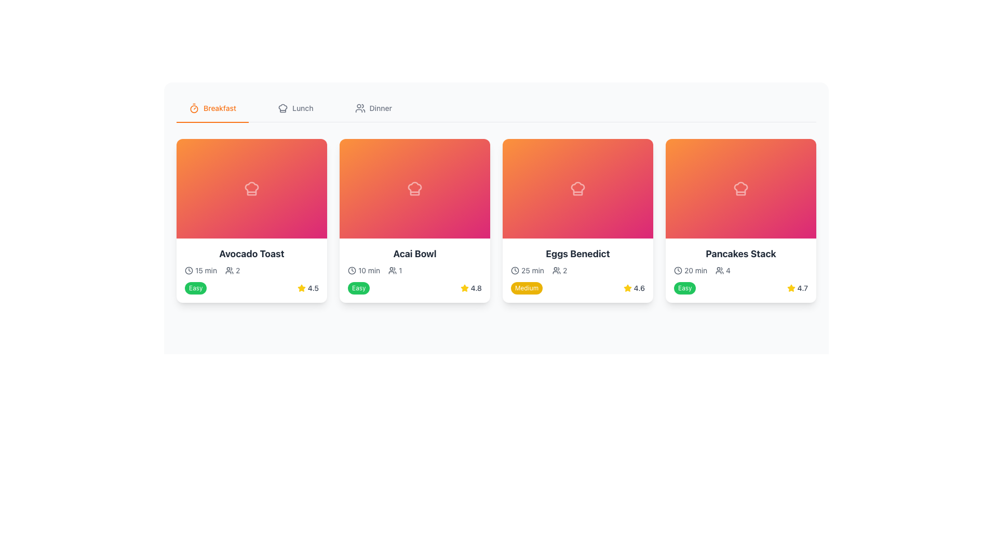 The image size is (997, 560). What do you see at coordinates (359, 288) in the screenshot?
I see `the small, pill-shaped badge with a green background and white text that reads 'Easy', located in the lower-left corner of the second card from the left` at bounding box center [359, 288].